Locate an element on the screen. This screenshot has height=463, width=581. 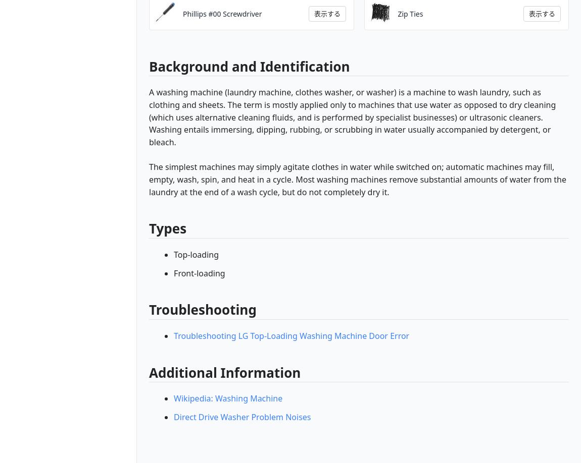
'Troubleshooting LG Top-Loading Washing Machine Door Error' is located at coordinates (290, 335).